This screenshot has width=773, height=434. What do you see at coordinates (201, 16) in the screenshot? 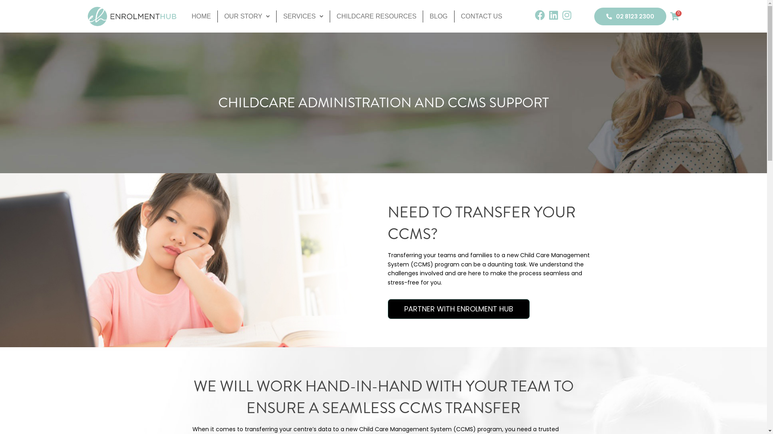
I see `'HOME'` at bounding box center [201, 16].